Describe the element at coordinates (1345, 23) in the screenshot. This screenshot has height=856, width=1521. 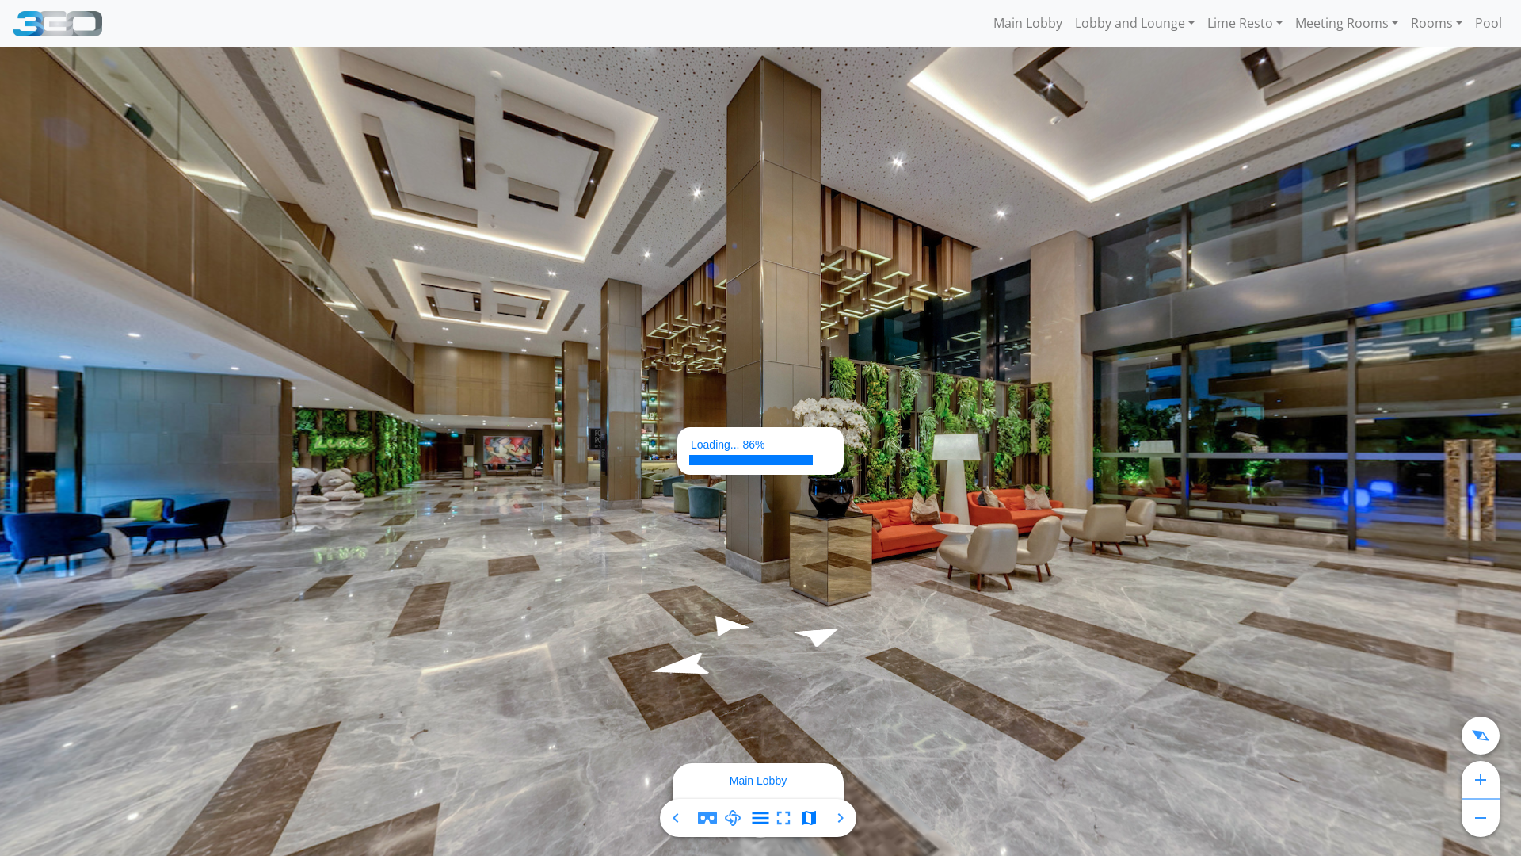
I see `'Meeting Rooms'` at that location.